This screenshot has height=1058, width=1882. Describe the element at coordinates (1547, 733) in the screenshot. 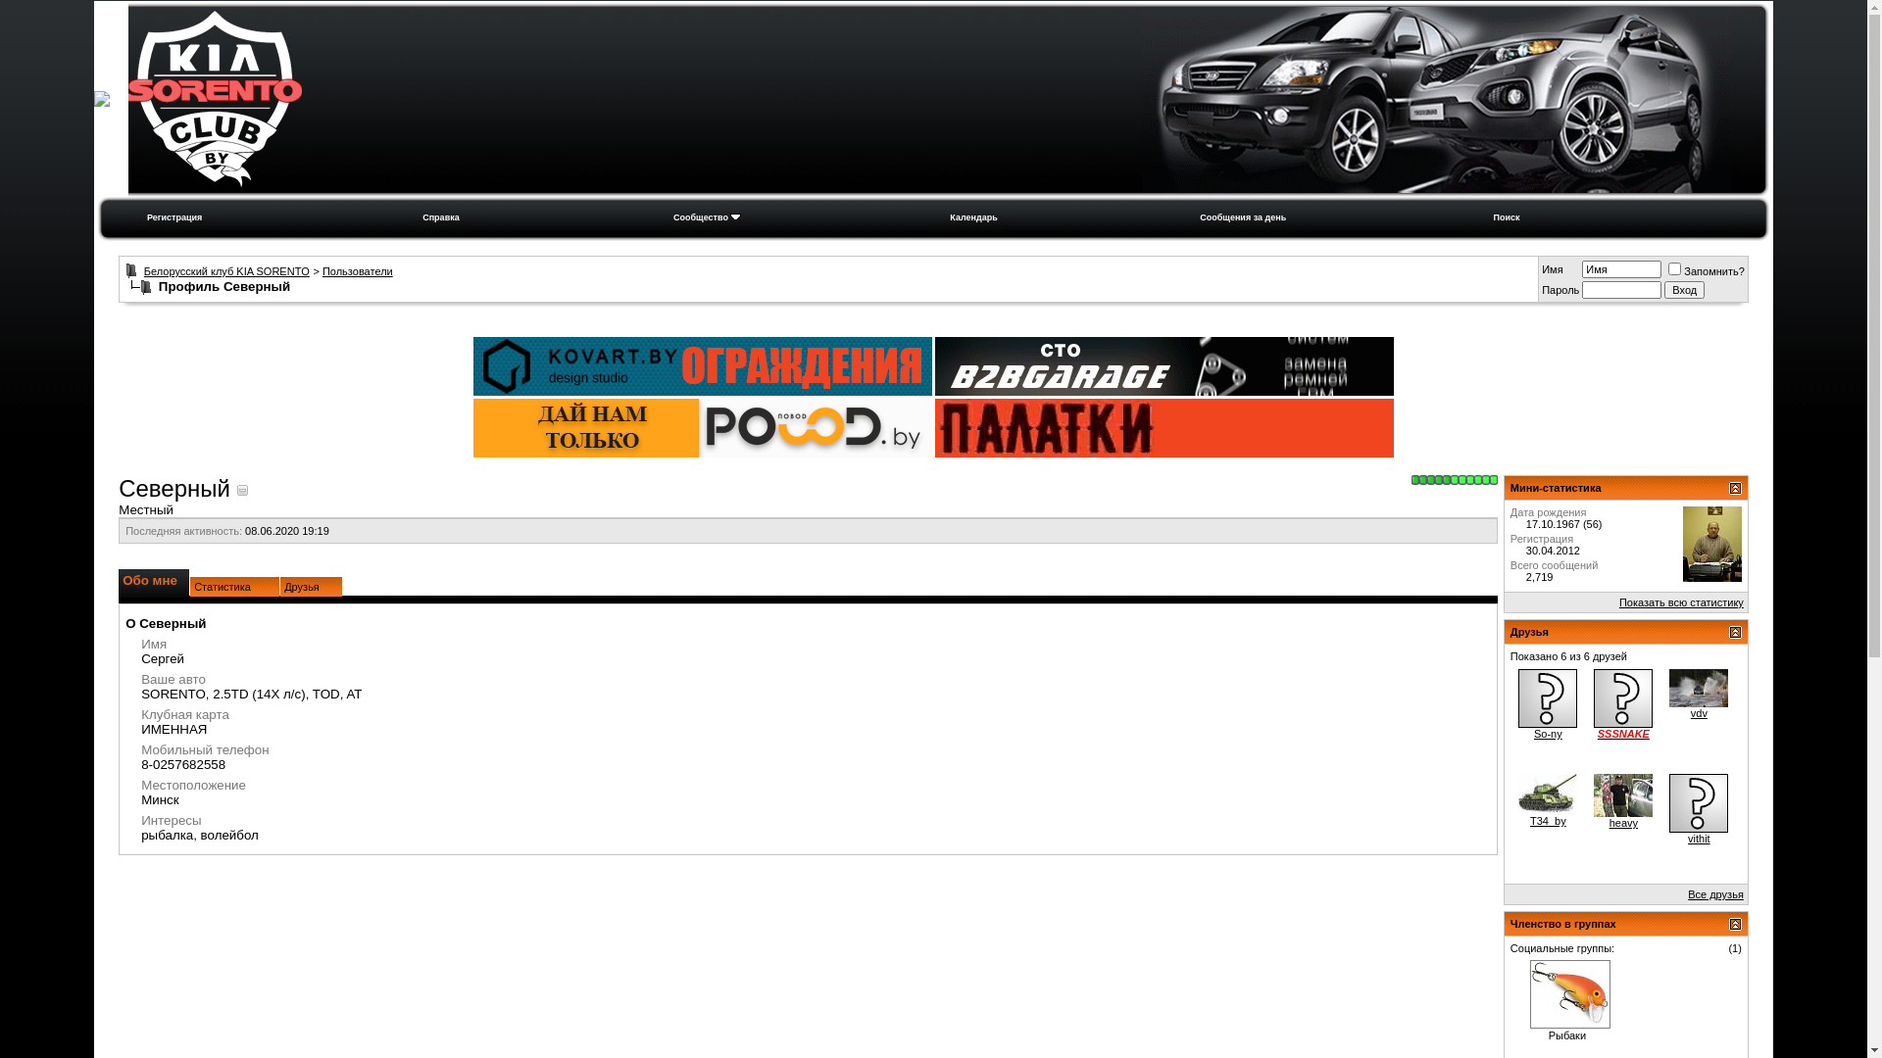

I see `'So-ny'` at that location.